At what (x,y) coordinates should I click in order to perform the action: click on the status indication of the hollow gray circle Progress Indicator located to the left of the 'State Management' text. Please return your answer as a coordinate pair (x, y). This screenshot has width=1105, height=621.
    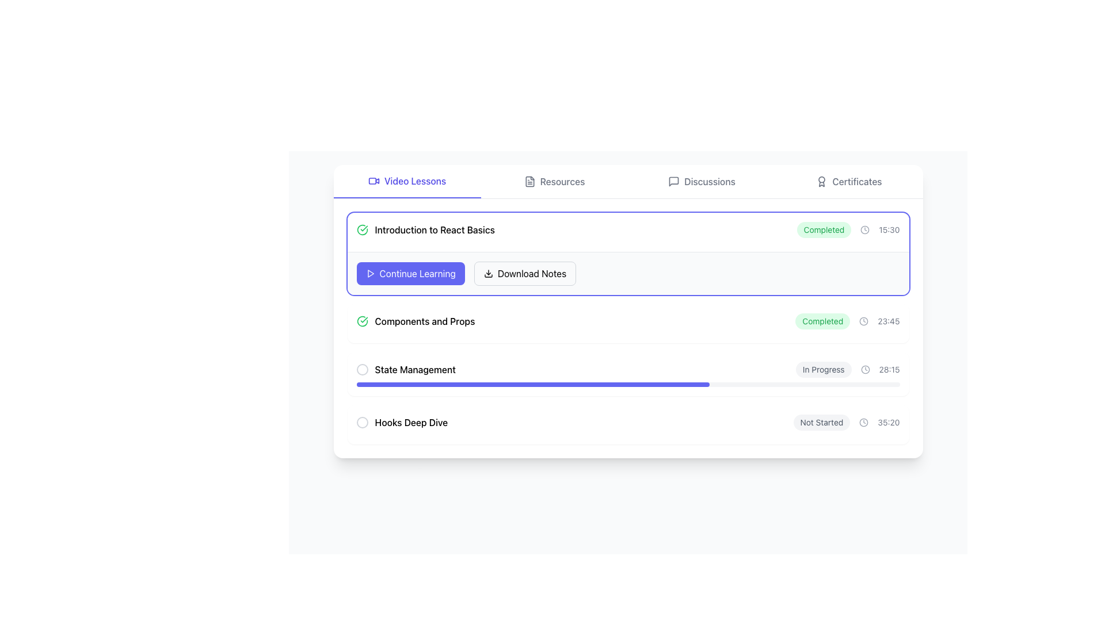
    Looking at the image, I should click on (361, 370).